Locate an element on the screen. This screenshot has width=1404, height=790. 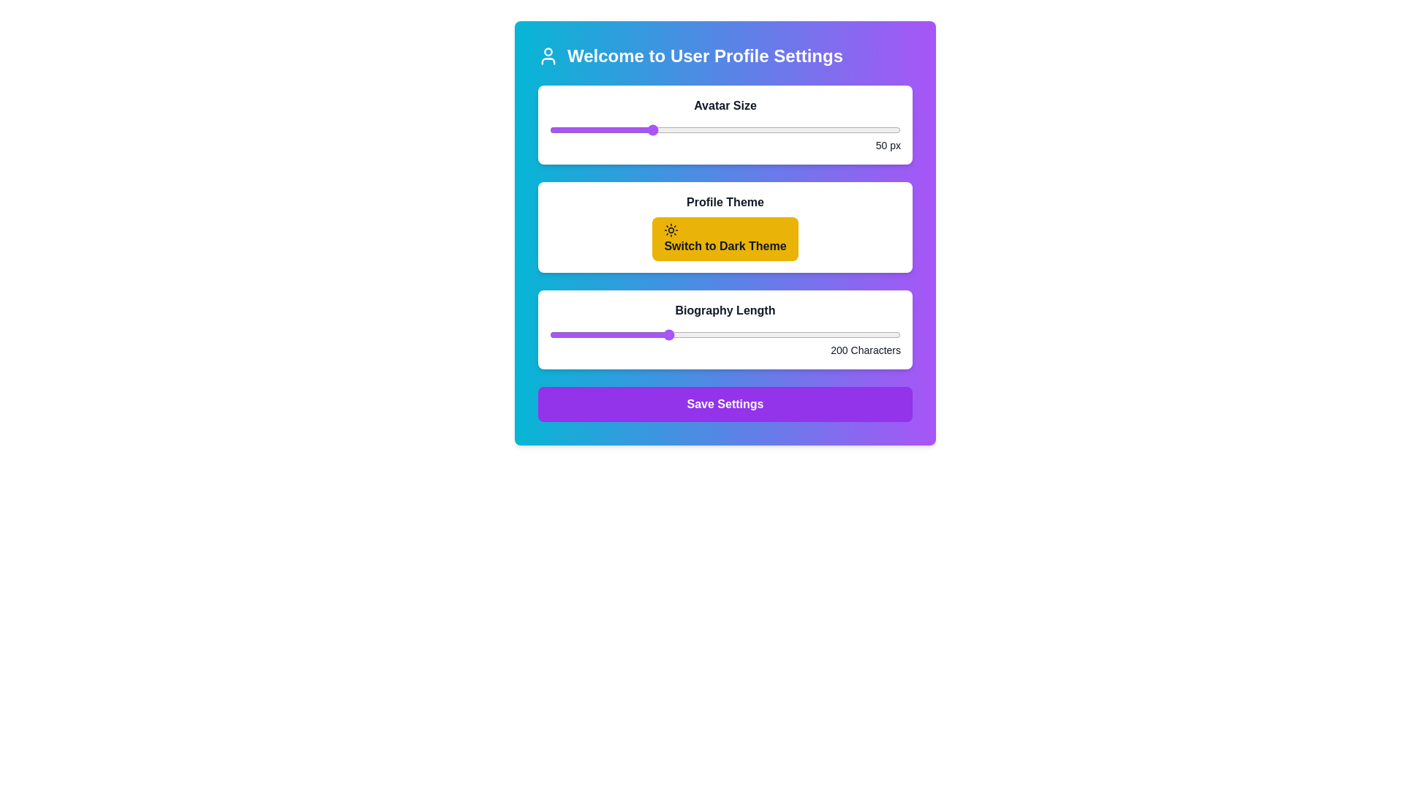
the biography length is located at coordinates (620, 335).